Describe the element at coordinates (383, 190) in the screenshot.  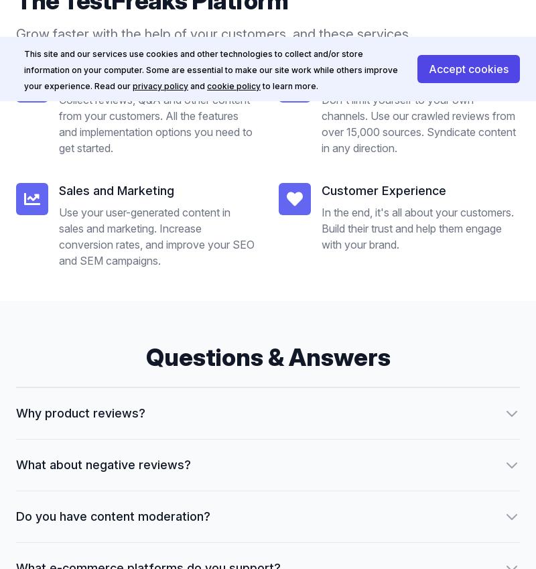
I see `'Customer Experience'` at that location.